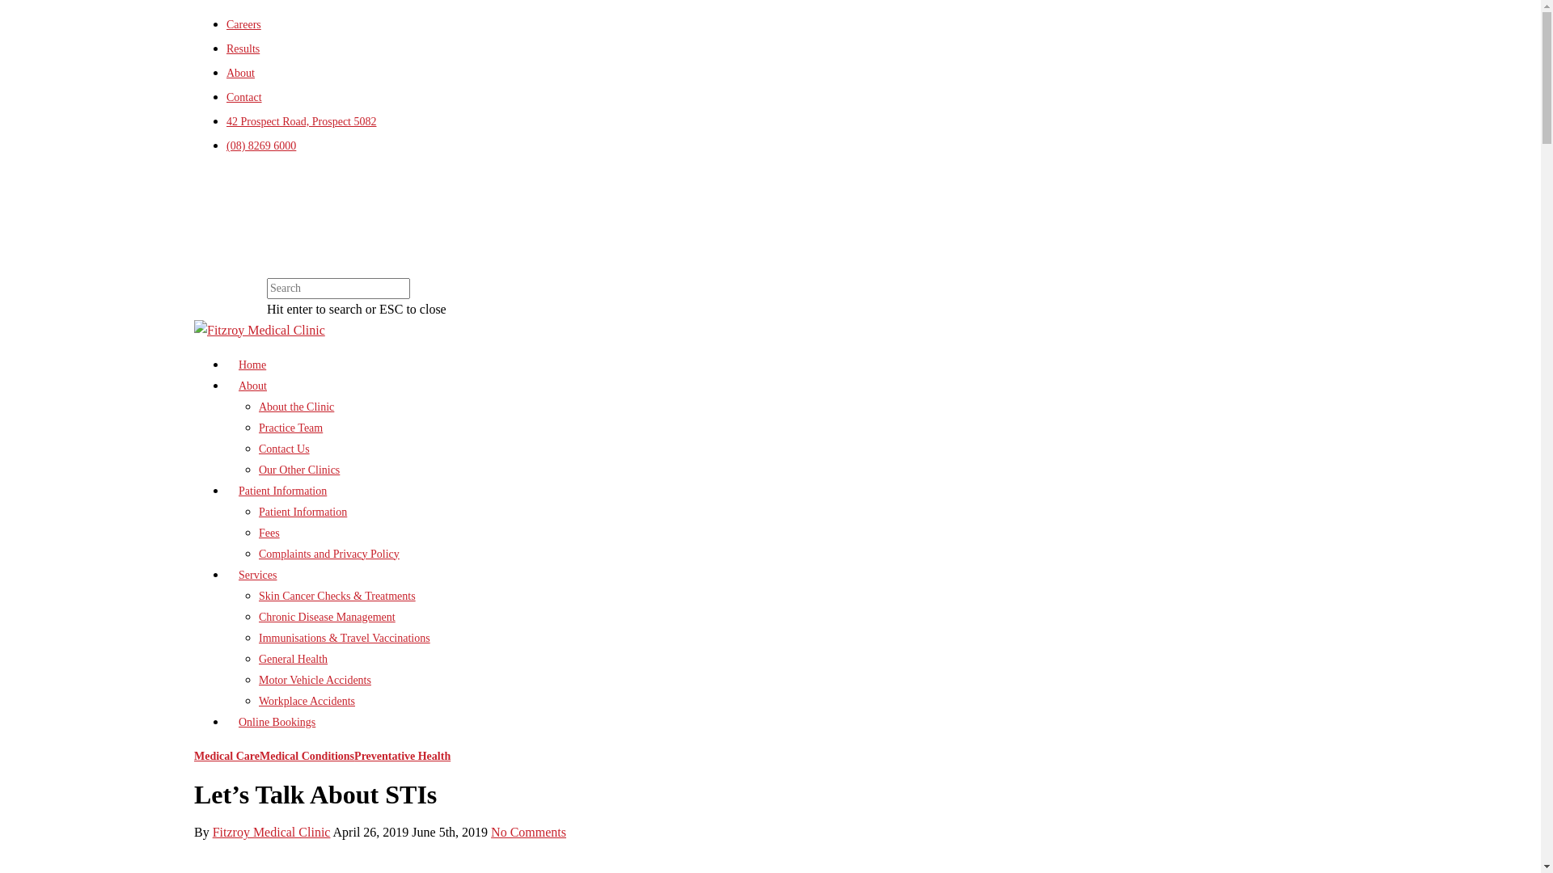 The width and height of the screenshot is (1553, 873). Describe the element at coordinates (298, 470) in the screenshot. I see `'Our Other Clinics'` at that location.